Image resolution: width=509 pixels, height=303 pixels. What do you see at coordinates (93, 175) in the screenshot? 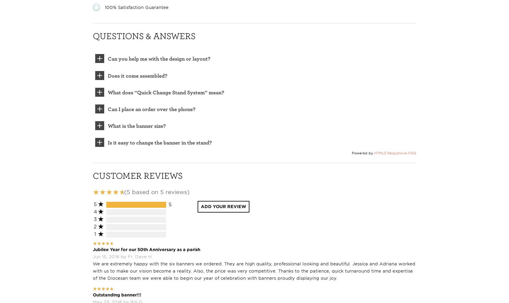
I see `'Customer Reviews'` at bounding box center [93, 175].